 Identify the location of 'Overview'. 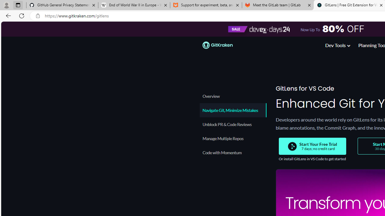
(233, 96).